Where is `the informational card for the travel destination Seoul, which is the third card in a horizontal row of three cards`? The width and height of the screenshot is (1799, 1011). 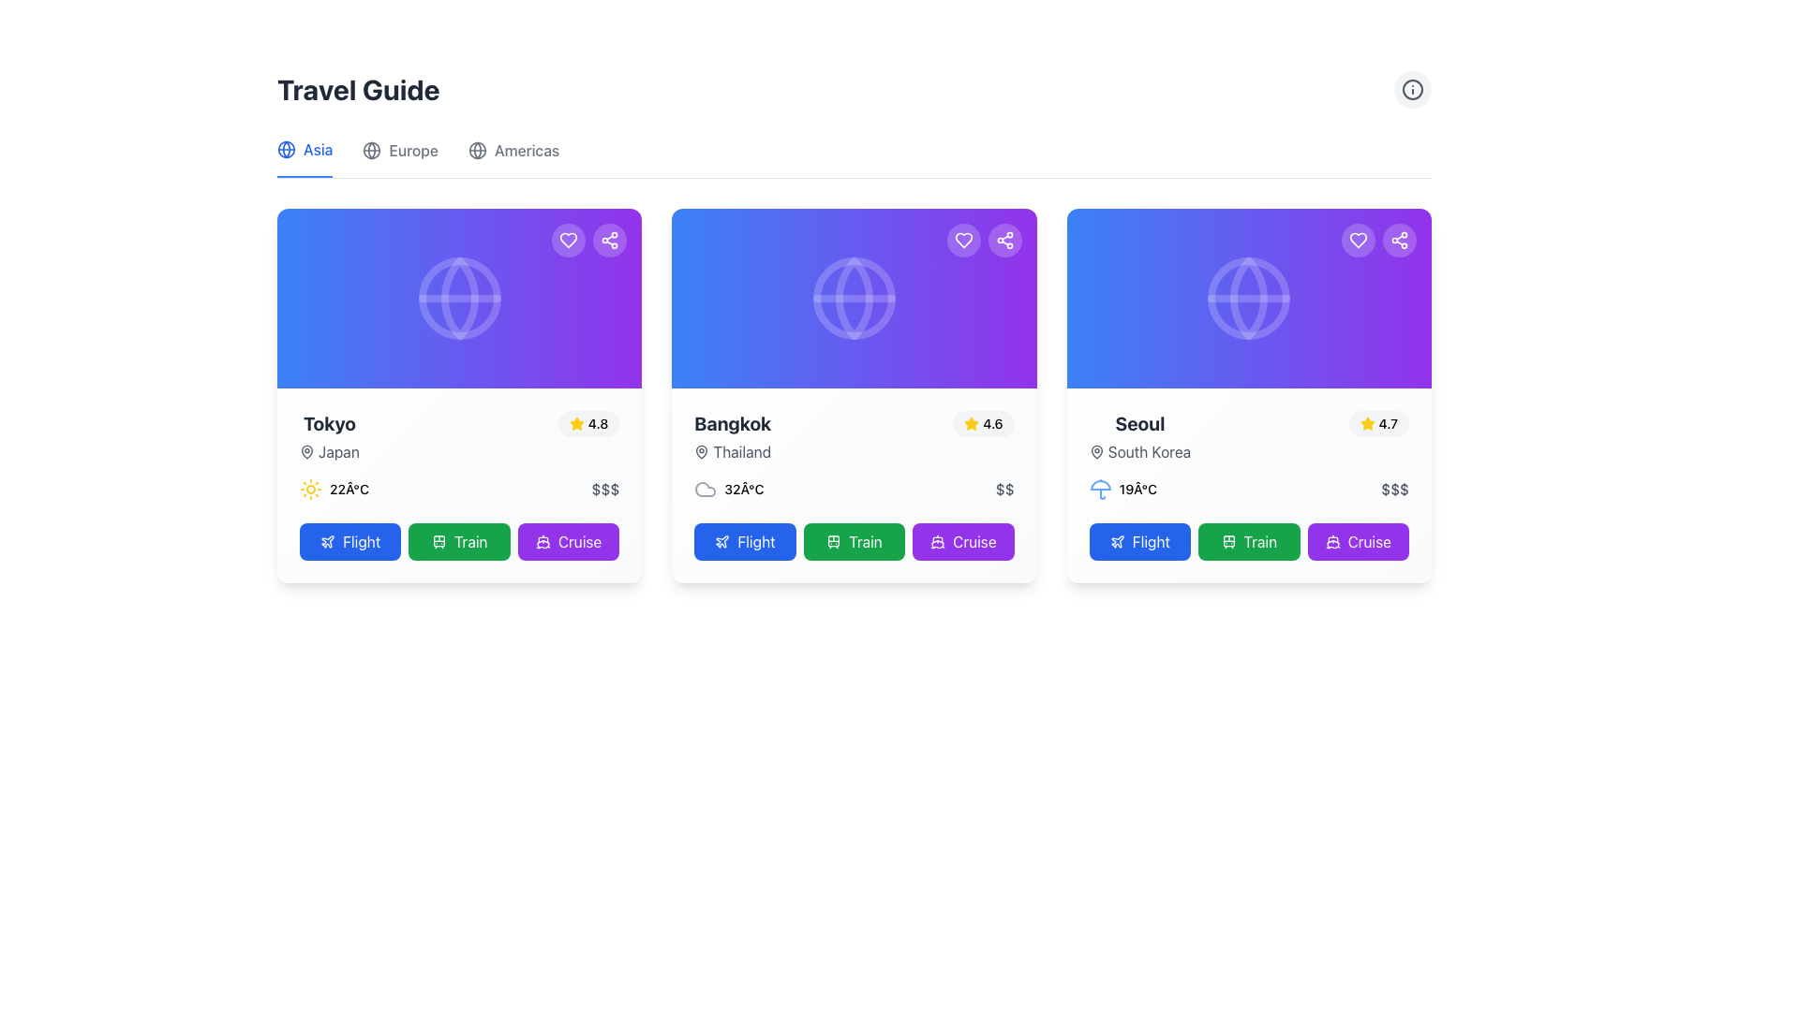
the informational card for the travel destination Seoul, which is the third card in a horizontal row of three cards is located at coordinates (1249, 395).